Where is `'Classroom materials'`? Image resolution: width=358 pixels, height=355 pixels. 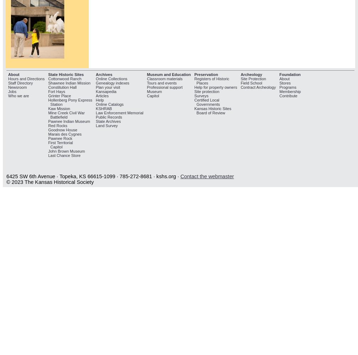
'Classroom materials' is located at coordinates (164, 78).